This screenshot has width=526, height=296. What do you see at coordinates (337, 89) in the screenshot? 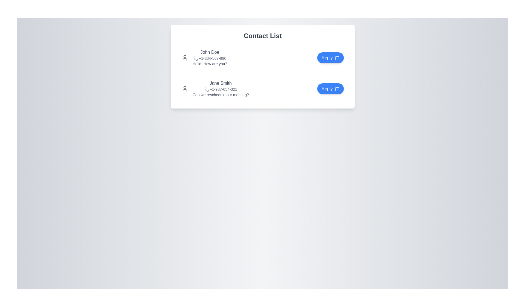
I see `the speech bubble icon with a blue outline located inside the 'Reply' button, which is positioned to the right of the 'Jane Smith' contact entry` at bounding box center [337, 89].